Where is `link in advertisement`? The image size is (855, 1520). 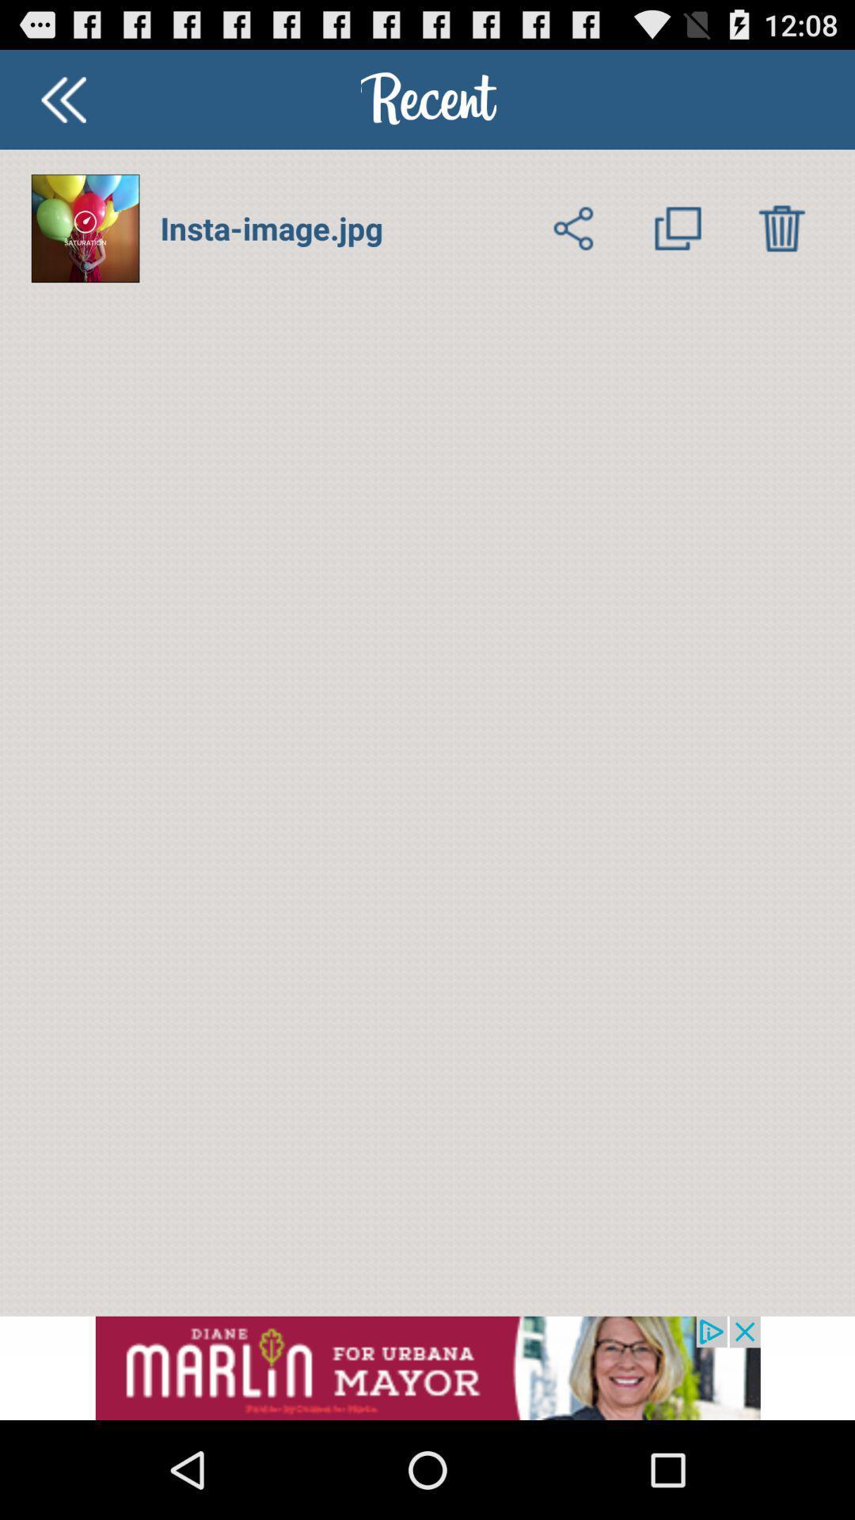 link in advertisement is located at coordinates (427, 1367).